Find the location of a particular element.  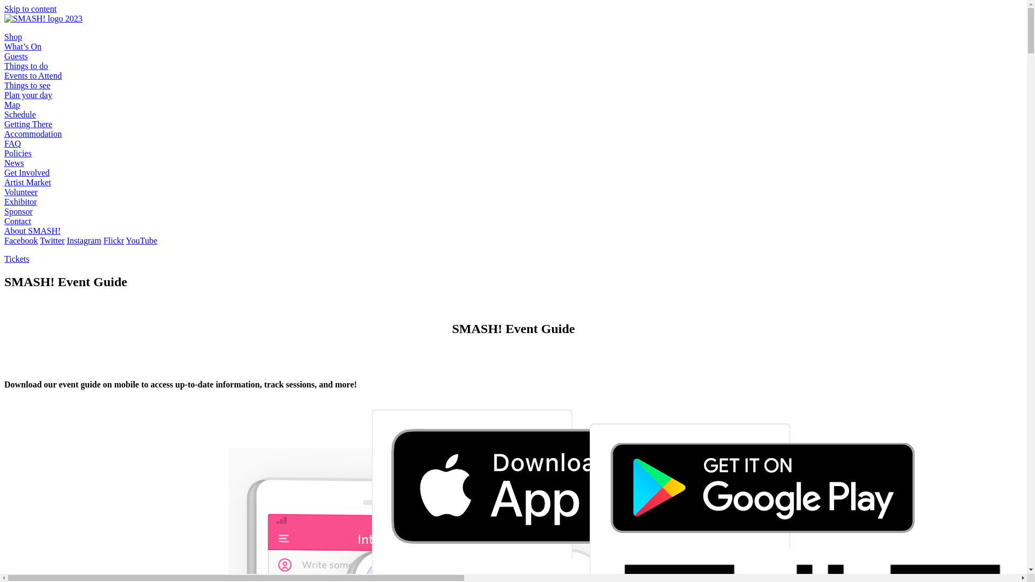

'Map' is located at coordinates (12, 105).